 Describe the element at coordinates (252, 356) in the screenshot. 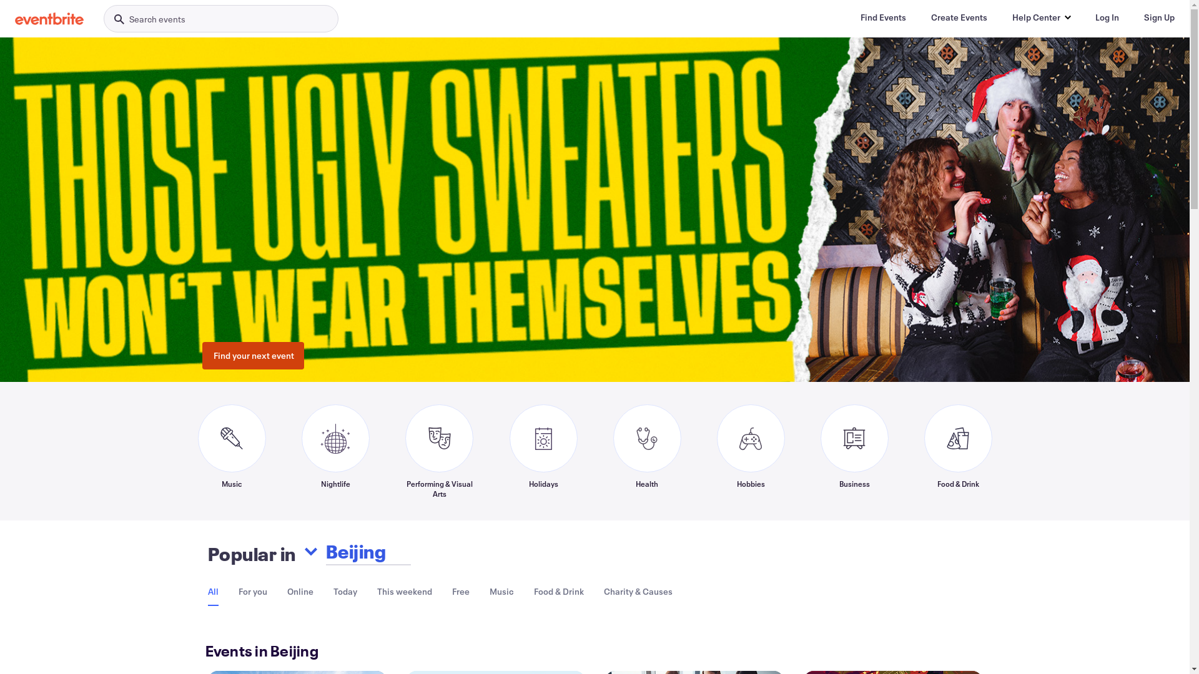

I see `'Find your next event'` at that location.